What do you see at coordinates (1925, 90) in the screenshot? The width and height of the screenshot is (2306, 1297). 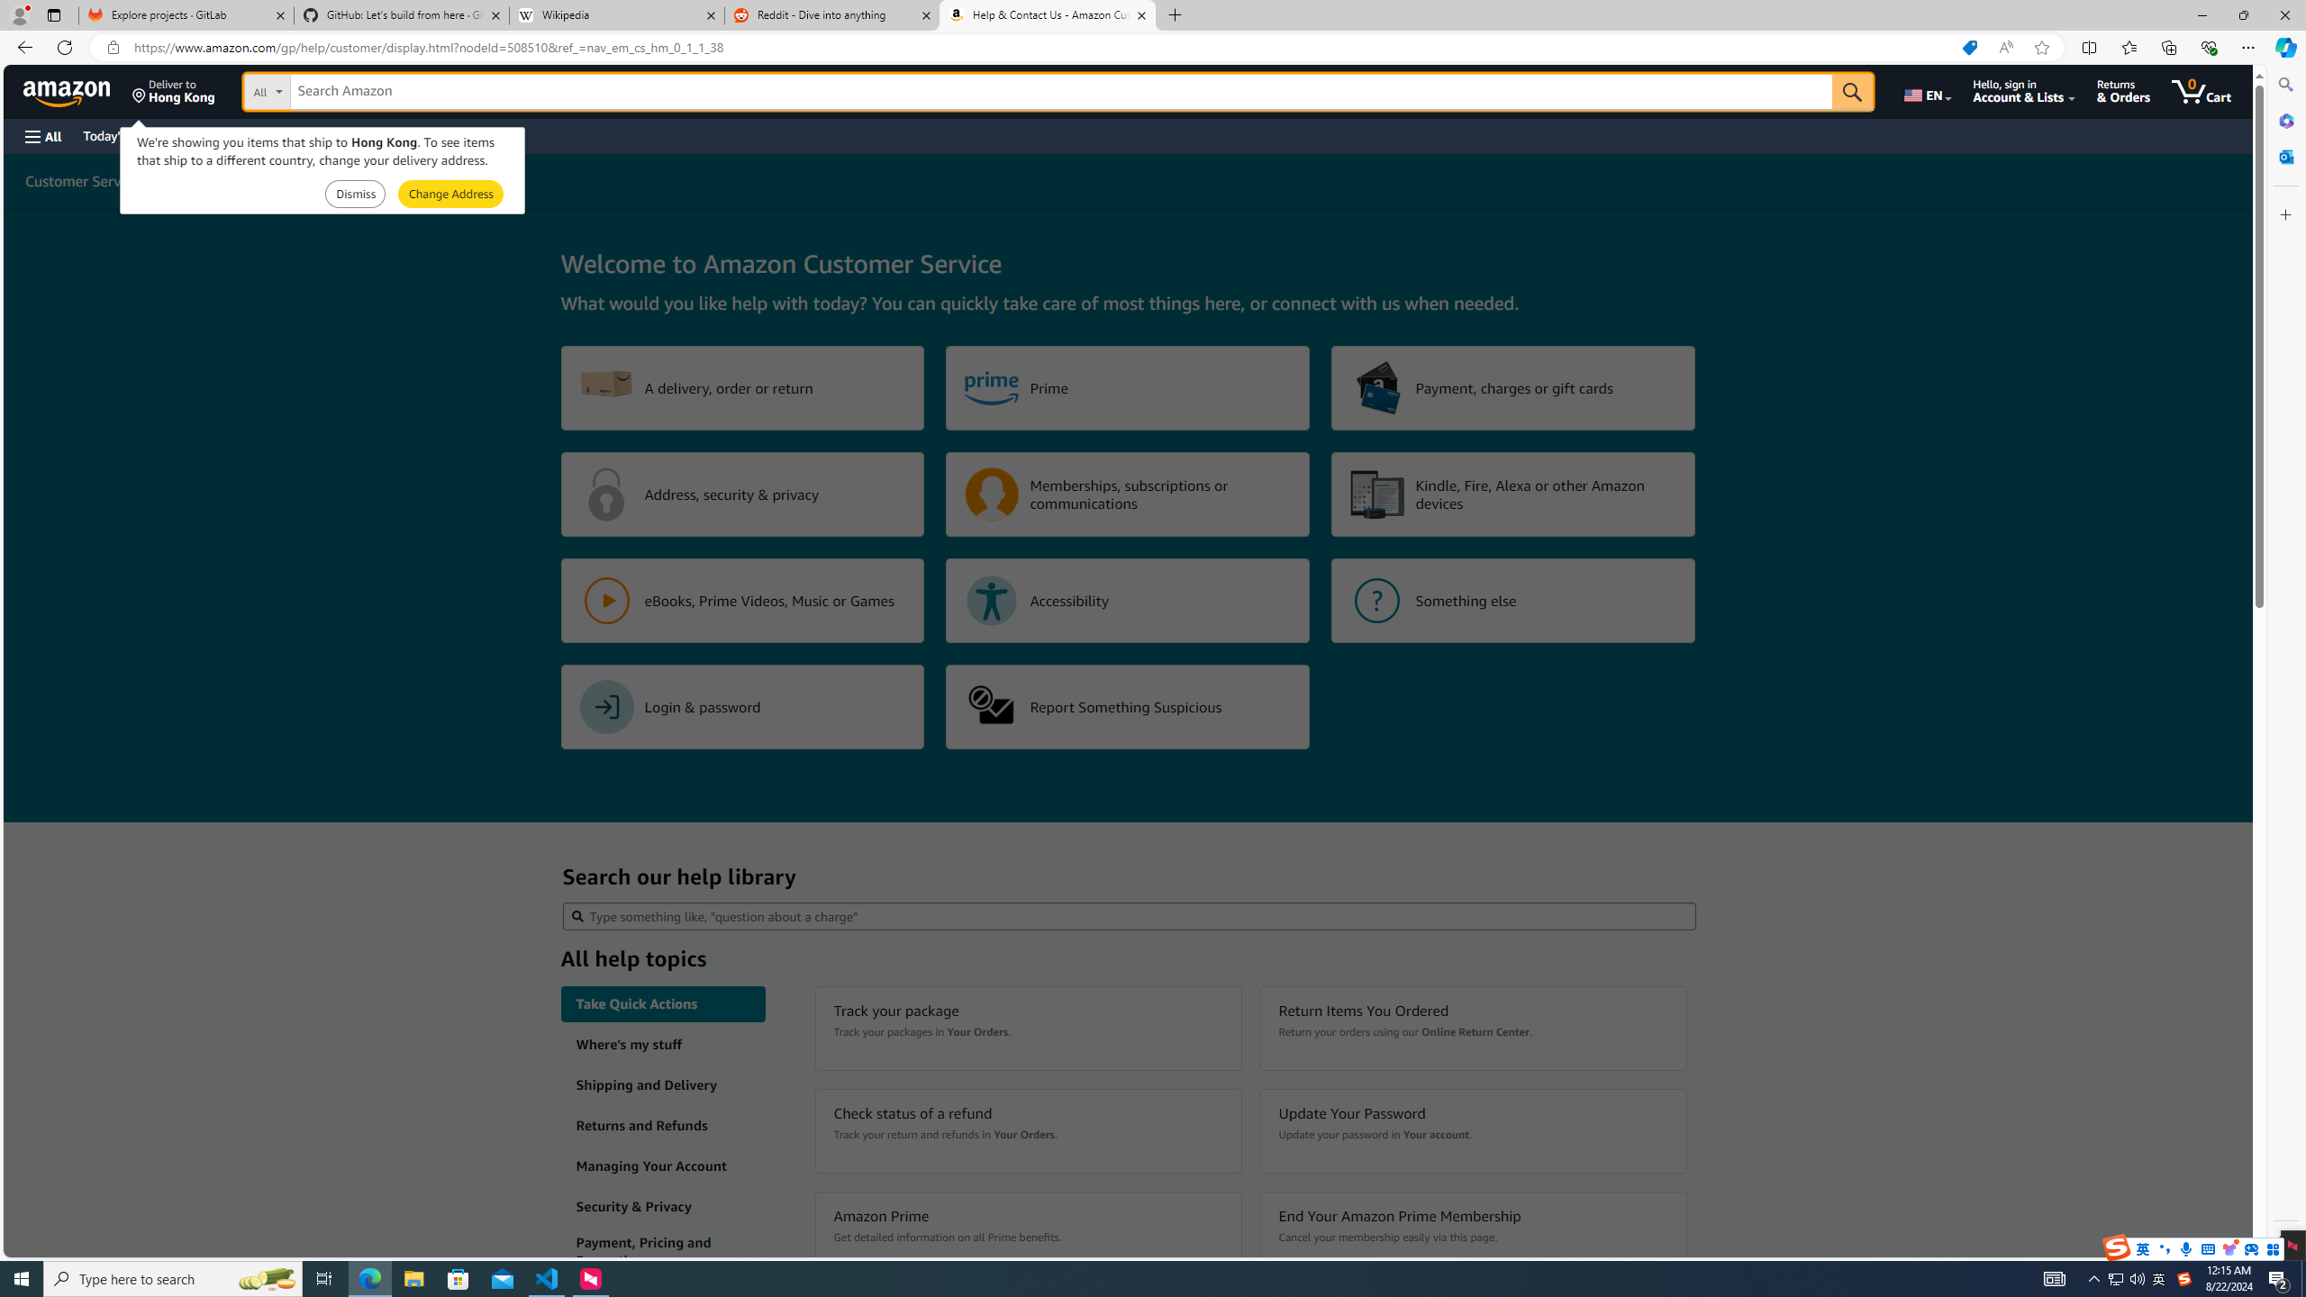 I see `'Choose a language for shopping.'` at bounding box center [1925, 90].